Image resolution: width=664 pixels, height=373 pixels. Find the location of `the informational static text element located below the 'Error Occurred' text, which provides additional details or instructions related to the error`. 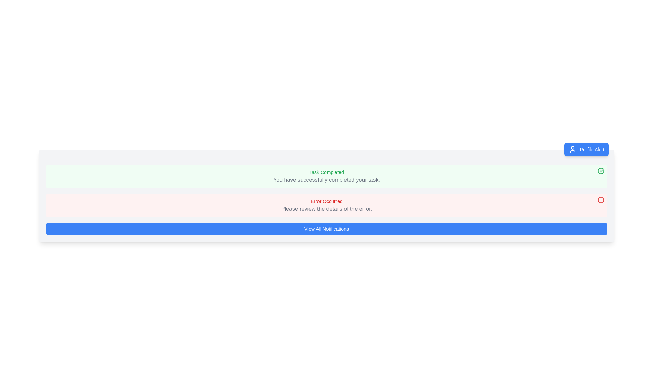

the informational static text element located below the 'Error Occurred' text, which provides additional details or instructions related to the error is located at coordinates (326, 209).